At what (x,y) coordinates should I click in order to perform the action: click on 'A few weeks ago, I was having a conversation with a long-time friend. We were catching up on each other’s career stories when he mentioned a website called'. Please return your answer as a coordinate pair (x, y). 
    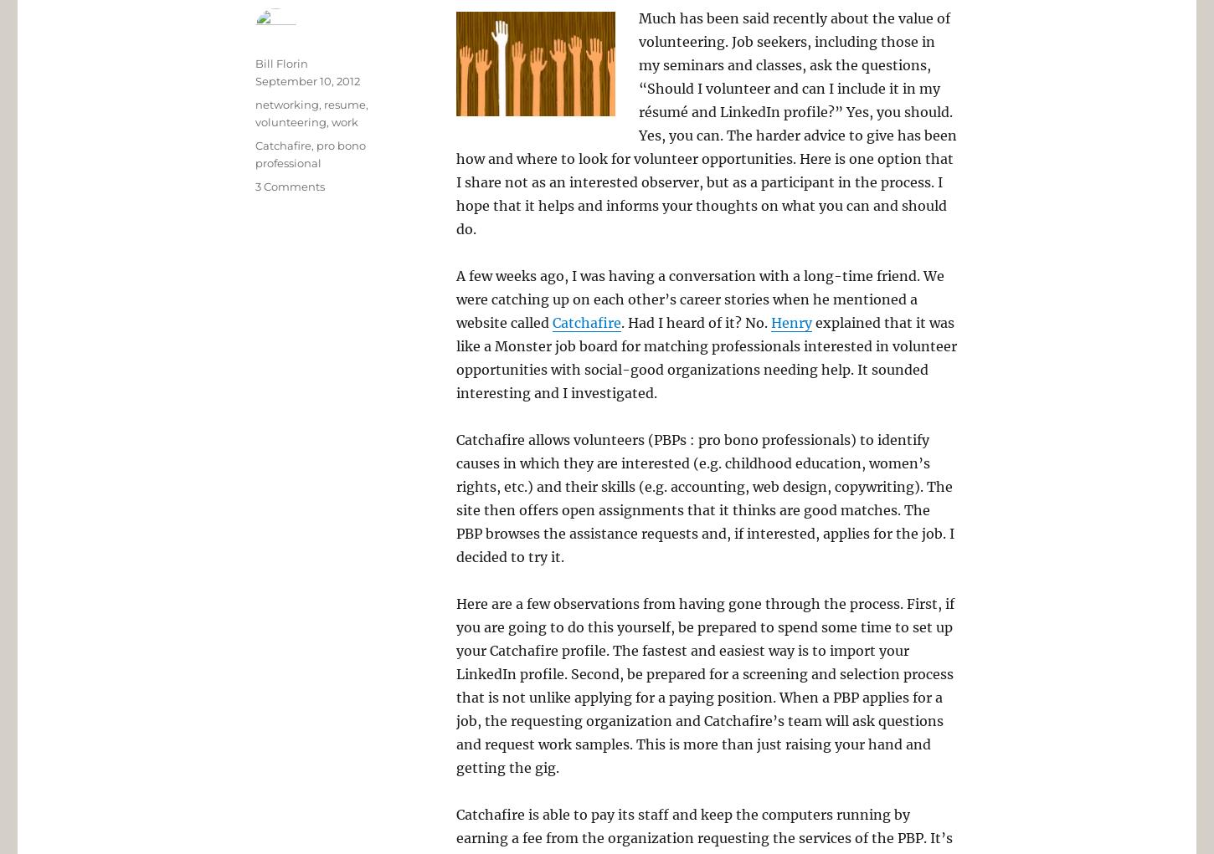
    Looking at the image, I should click on (456, 299).